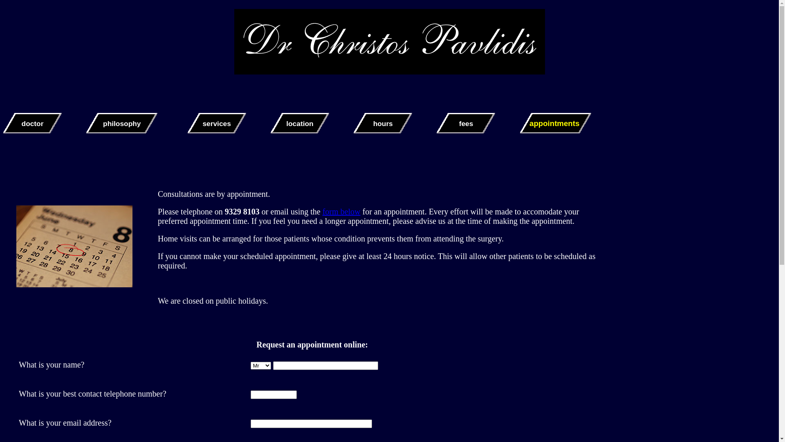  Describe the element at coordinates (299, 123) in the screenshot. I see `'location'` at that location.